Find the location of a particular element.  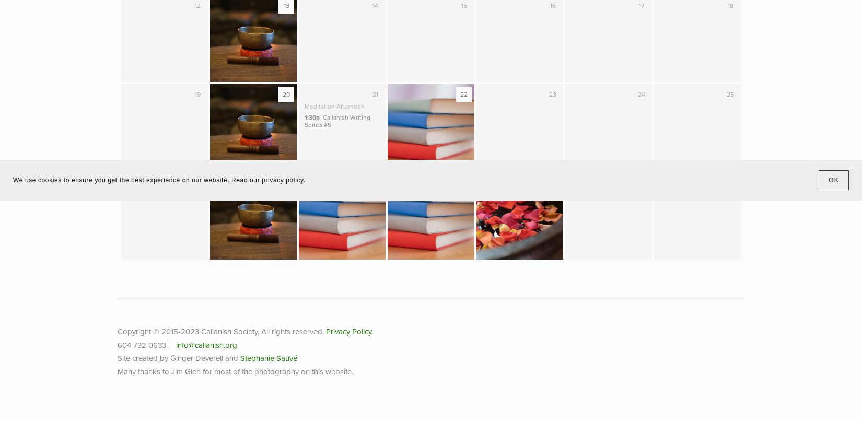

'21' is located at coordinates (374, 93).